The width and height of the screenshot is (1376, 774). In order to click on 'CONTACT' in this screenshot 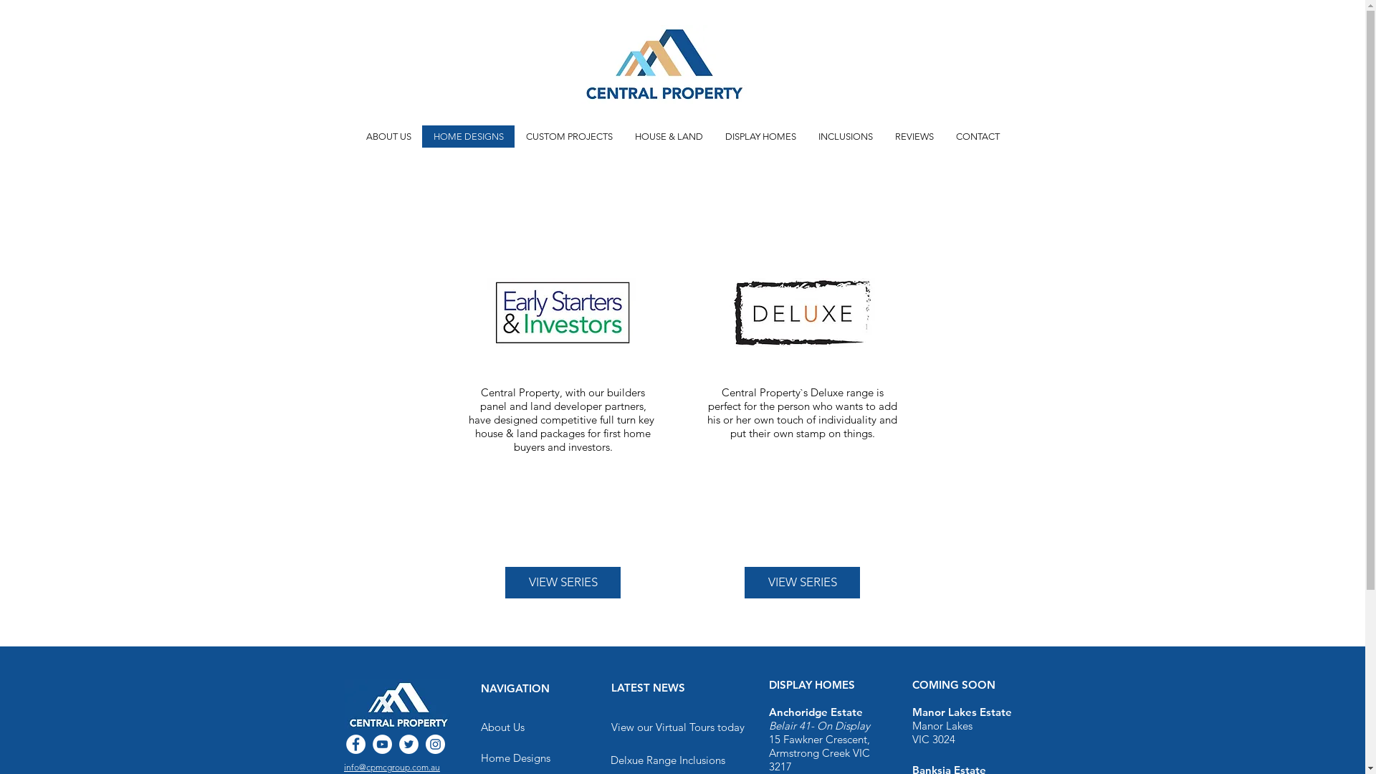, I will do `click(976, 136)`.